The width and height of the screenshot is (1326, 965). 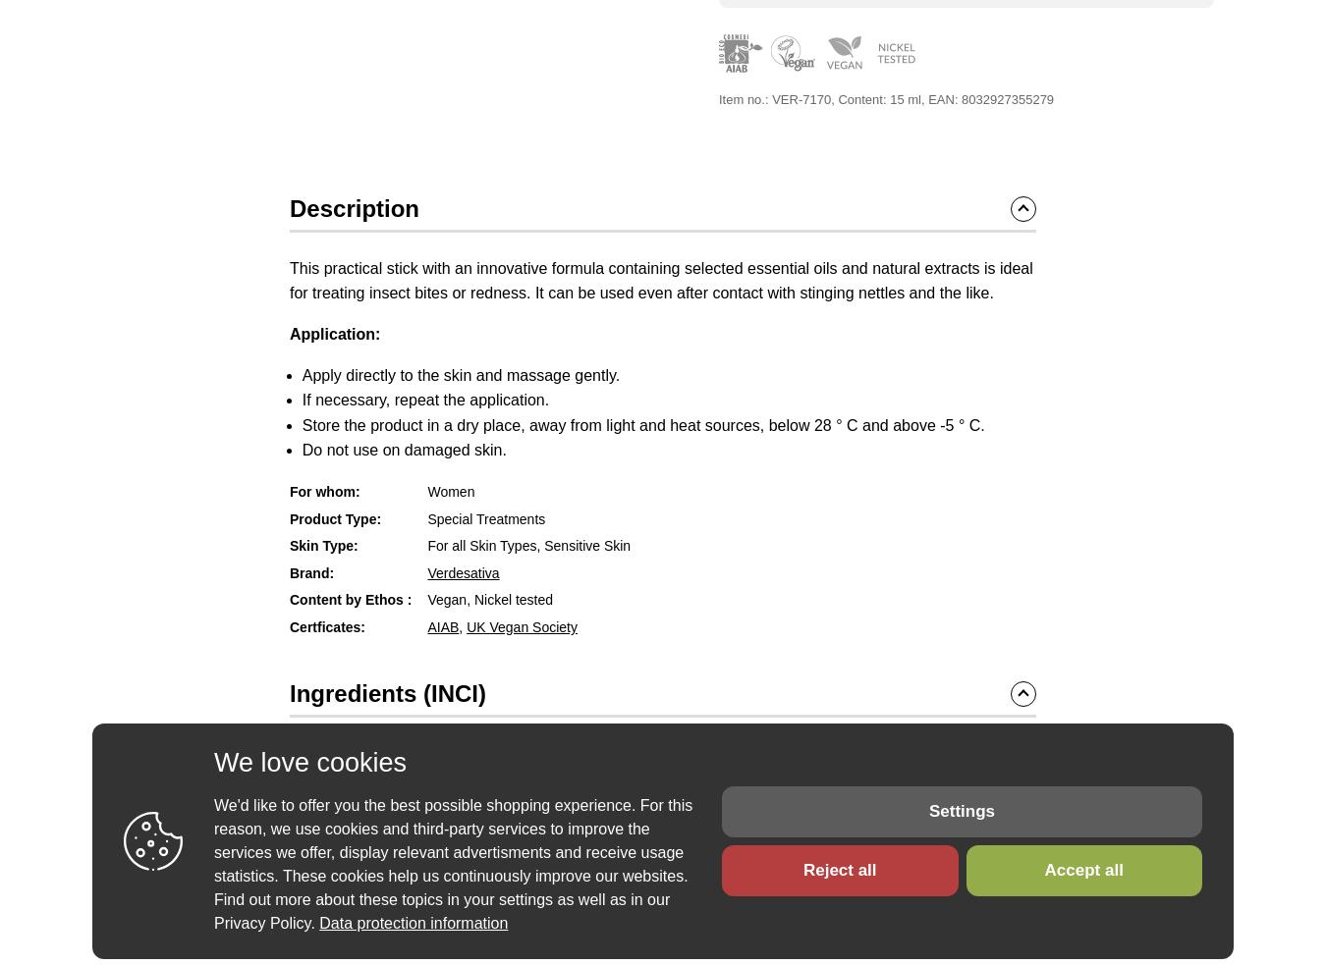 I want to click on 'Camphor', so click(x=561, y=772).